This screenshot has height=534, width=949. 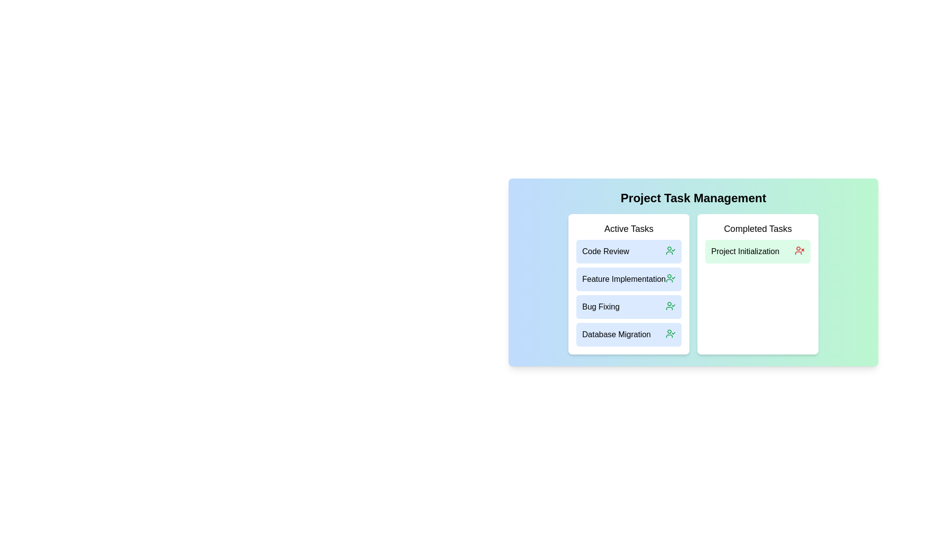 What do you see at coordinates (671, 250) in the screenshot?
I see `the 'UserCheck' icon next to the task 'Code Review' in the Active Tasks list` at bounding box center [671, 250].